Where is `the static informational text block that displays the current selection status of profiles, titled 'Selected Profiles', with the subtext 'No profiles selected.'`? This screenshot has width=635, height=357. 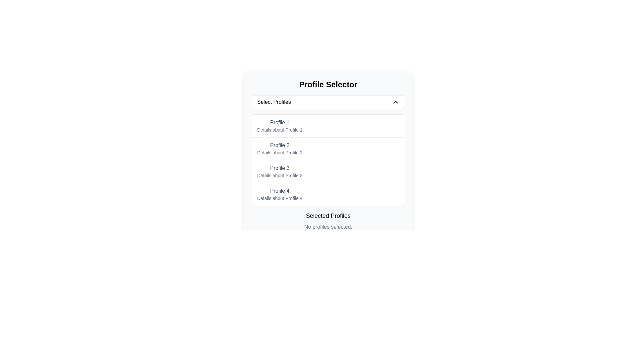 the static informational text block that displays the current selection status of profiles, titled 'Selected Profiles', with the subtext 'No profiles selected.' is located at coordinates (328, 221).